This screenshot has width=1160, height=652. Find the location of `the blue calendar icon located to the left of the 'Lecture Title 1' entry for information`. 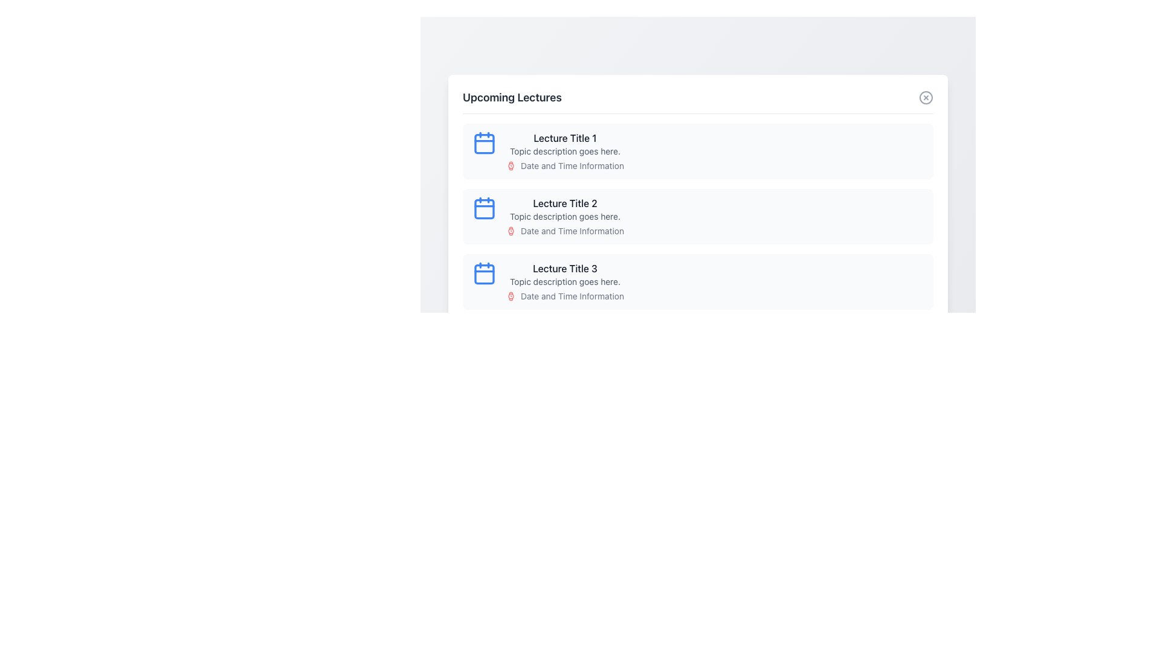

the blue calendar icon located to the left of the 'Lecture Title 1' entry for information is located at coordinates (484, 142).